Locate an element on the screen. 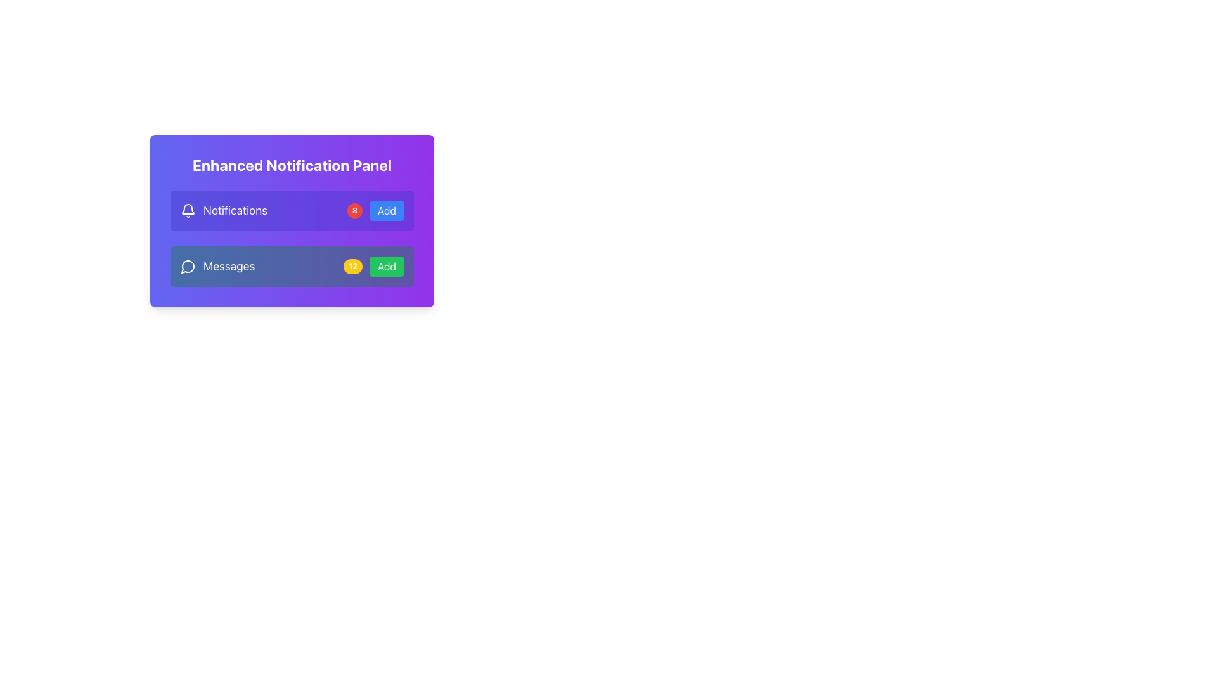  the text label indicating notifications within the 'Enhanced Notification Panel', located adjacent to the bell icon is located at coordinates (235, 210).